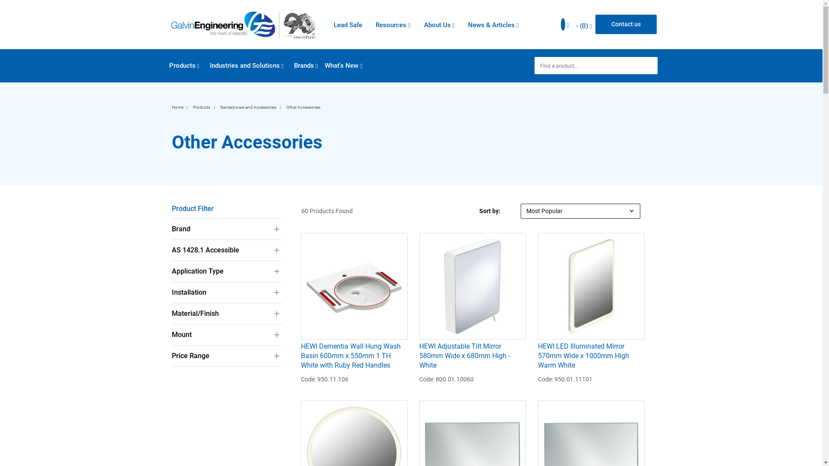 Image resolution: width=829 pixels, height=466 pixels. Describe the element at coordinates (242, 24) in the screenshot. I see `'Galvin Engineering'` at that location.